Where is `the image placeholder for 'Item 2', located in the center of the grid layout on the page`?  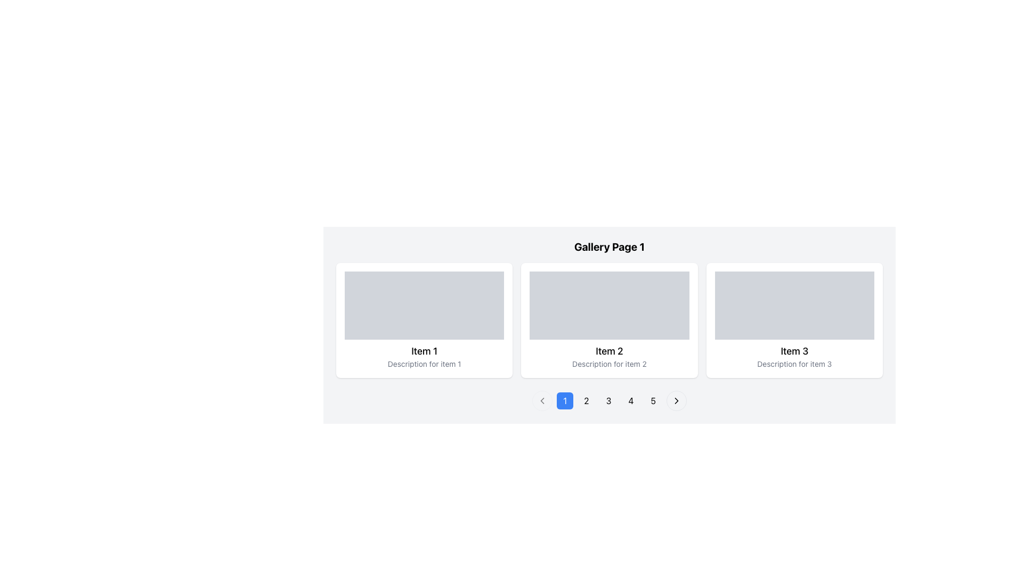 the image placeholder for 'Item 2', located in the center of the grid layout on the page is located at coordinates (609, 306).